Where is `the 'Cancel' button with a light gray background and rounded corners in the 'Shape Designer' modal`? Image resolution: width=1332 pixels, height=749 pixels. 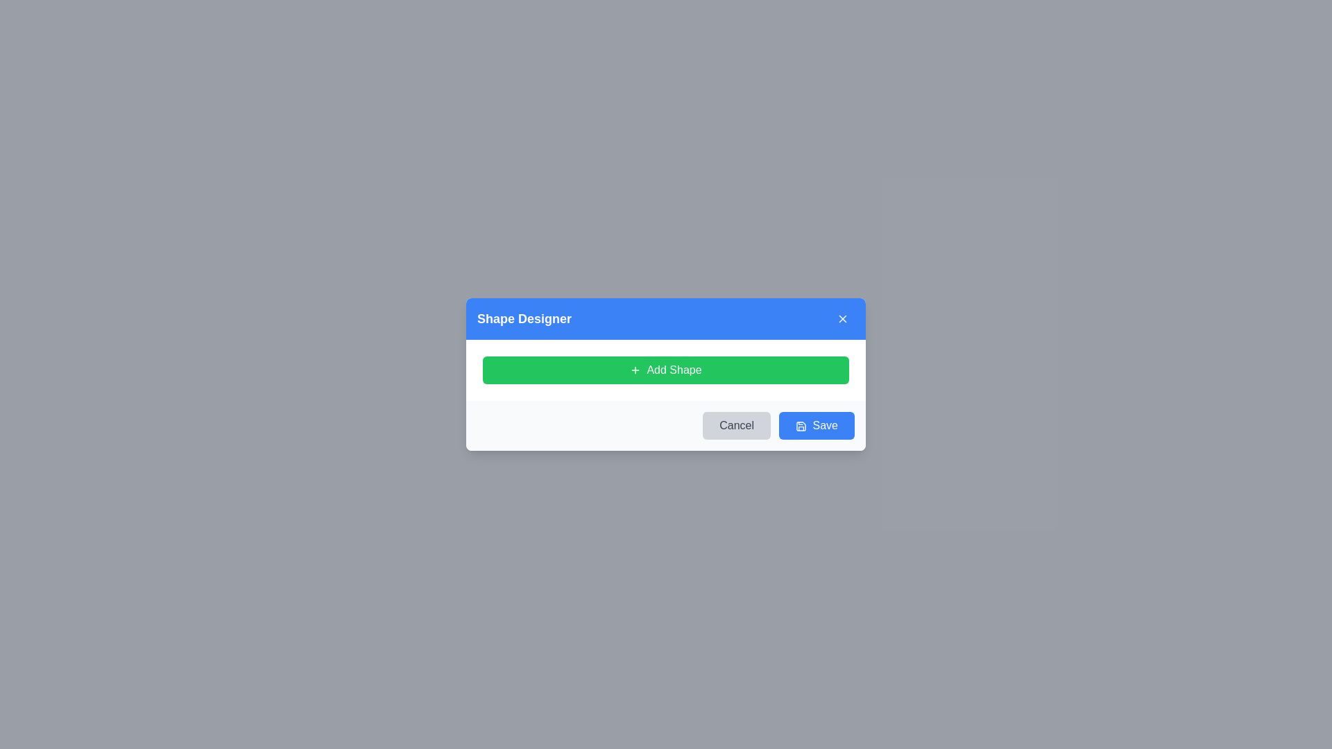 the 'Cancel' button with a light gray background and rounded corners in the 'Shape Designer' modal is located at coordinates (736, 424).